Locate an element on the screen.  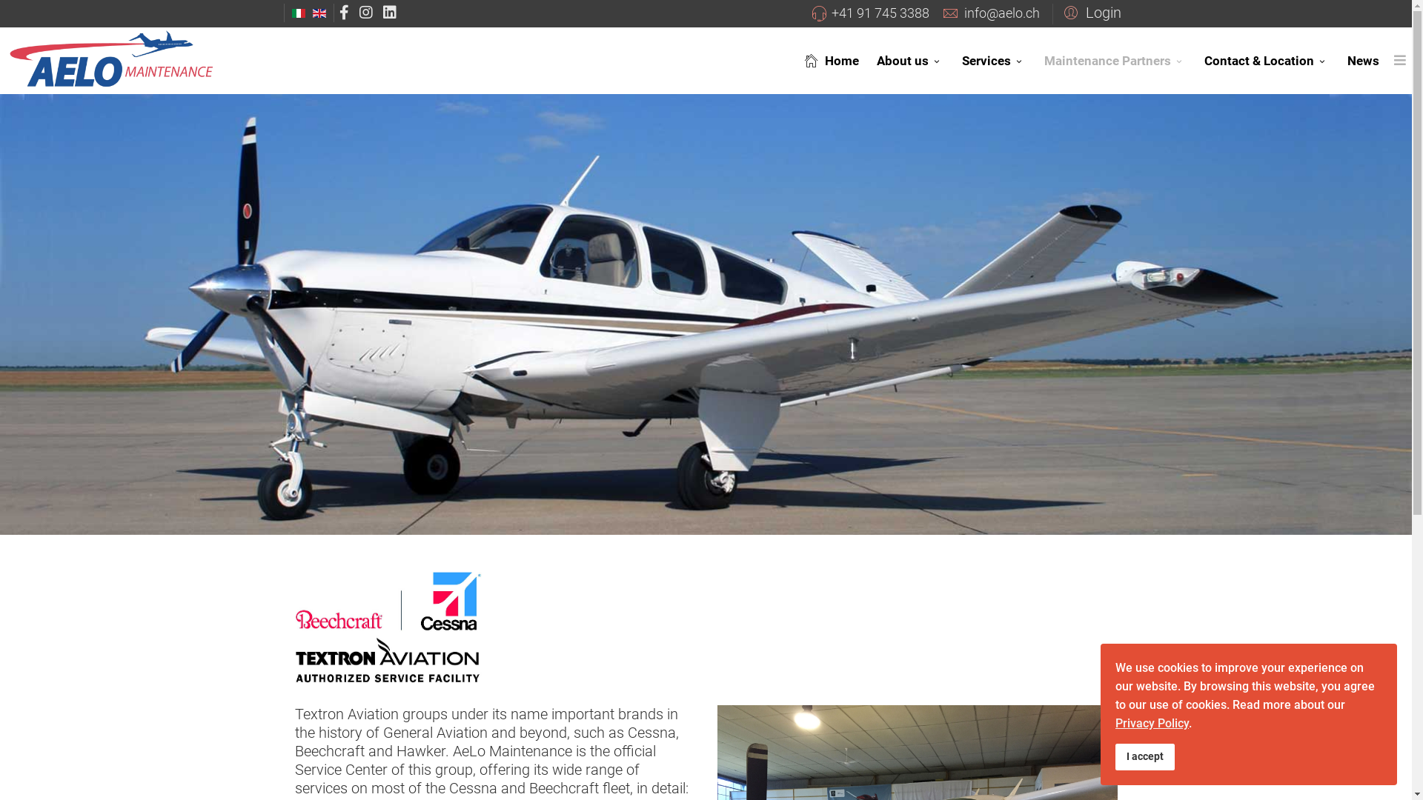
'Privacy Policy' is located at coordinates (1151, 722).